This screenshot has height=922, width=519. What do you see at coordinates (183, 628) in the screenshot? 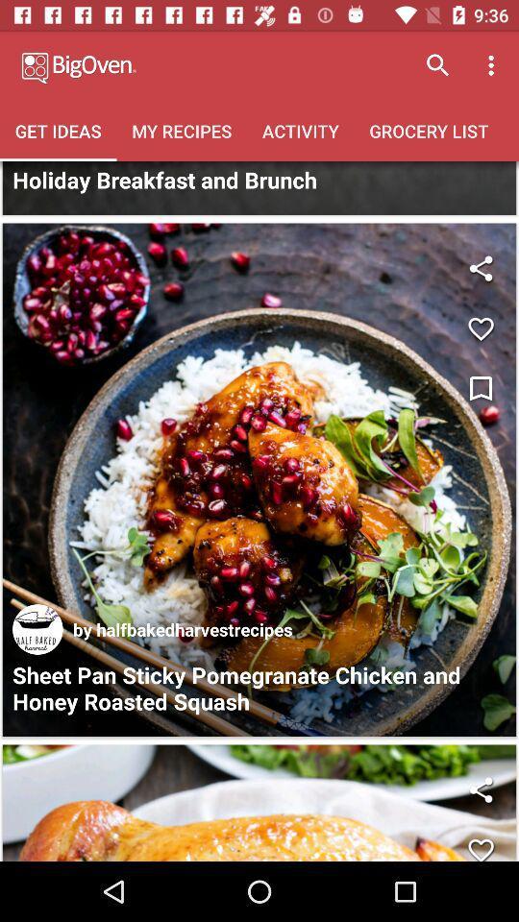
I see `the text by halfbakedharvestrecipes` at bounding box center [183, 628].